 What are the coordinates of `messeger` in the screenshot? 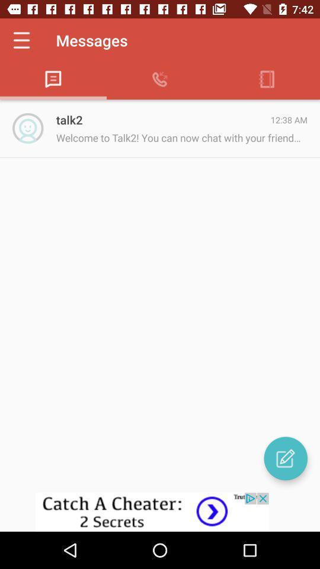 It's located at (285, 458).